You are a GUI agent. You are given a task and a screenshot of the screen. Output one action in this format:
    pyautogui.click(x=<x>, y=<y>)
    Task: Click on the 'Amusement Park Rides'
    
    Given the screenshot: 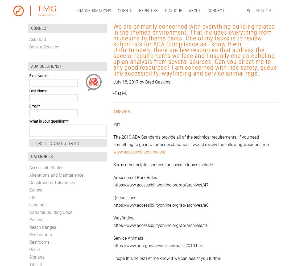 What is the action you would take?
    pyautogui.click(x=135, y=177)
    